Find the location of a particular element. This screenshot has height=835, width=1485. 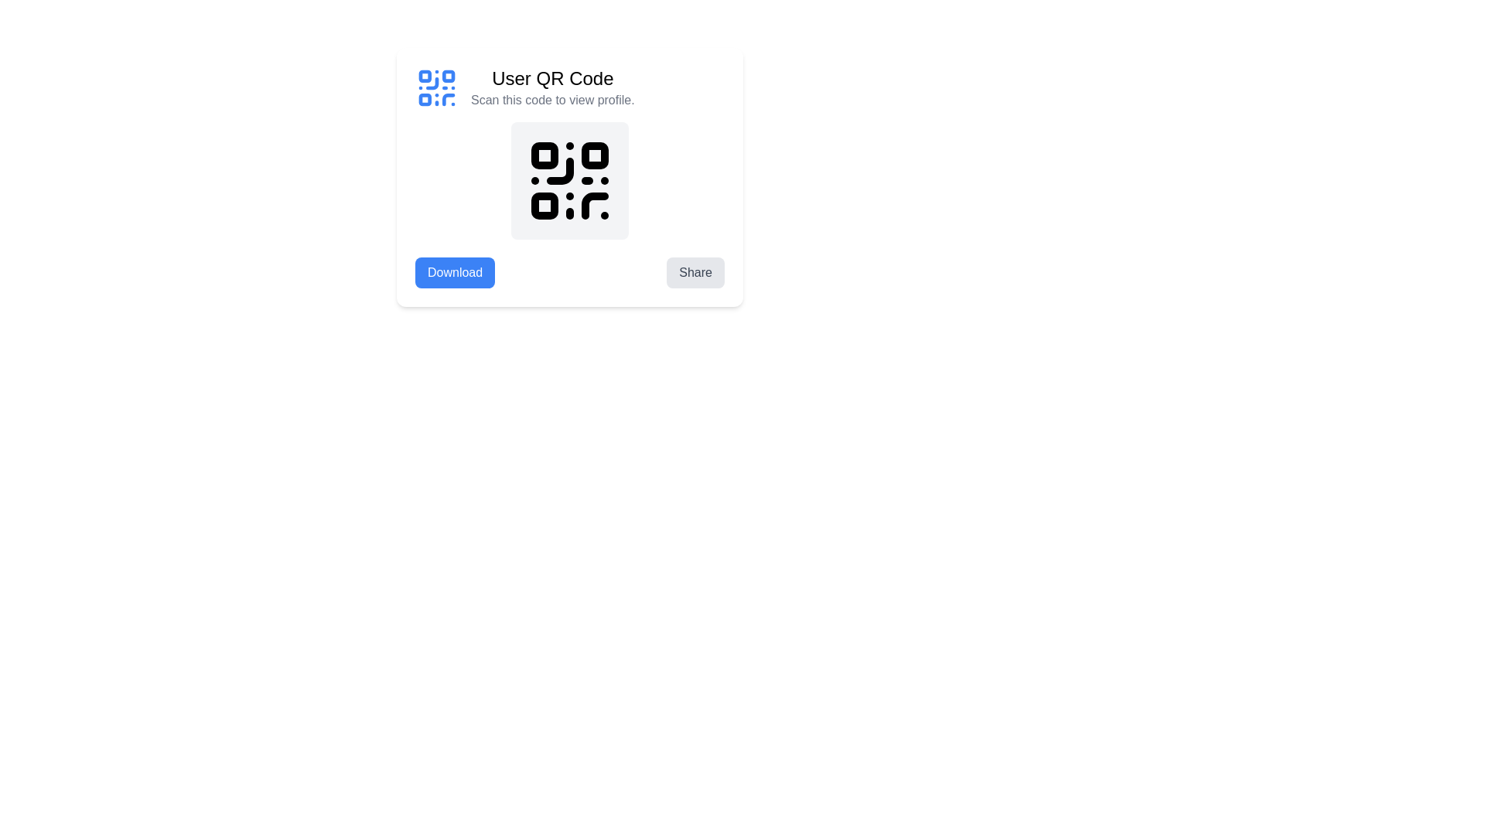

the second blue square icon in the top row of the QR code grid located at the top-left corner of the card labeled 'User QR Code' is located at coordinates (448, 76).